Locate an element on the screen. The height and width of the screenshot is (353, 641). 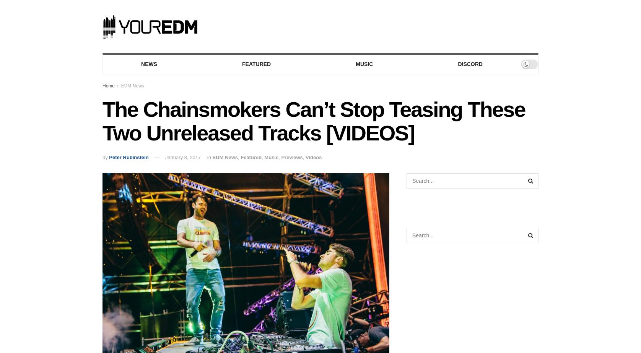
'by' is located at coordinates (102, 156).